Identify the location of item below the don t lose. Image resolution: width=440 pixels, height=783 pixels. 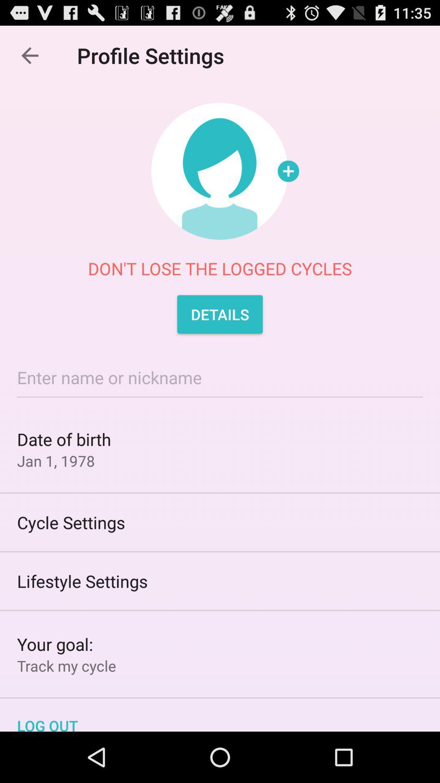
(220, 314).